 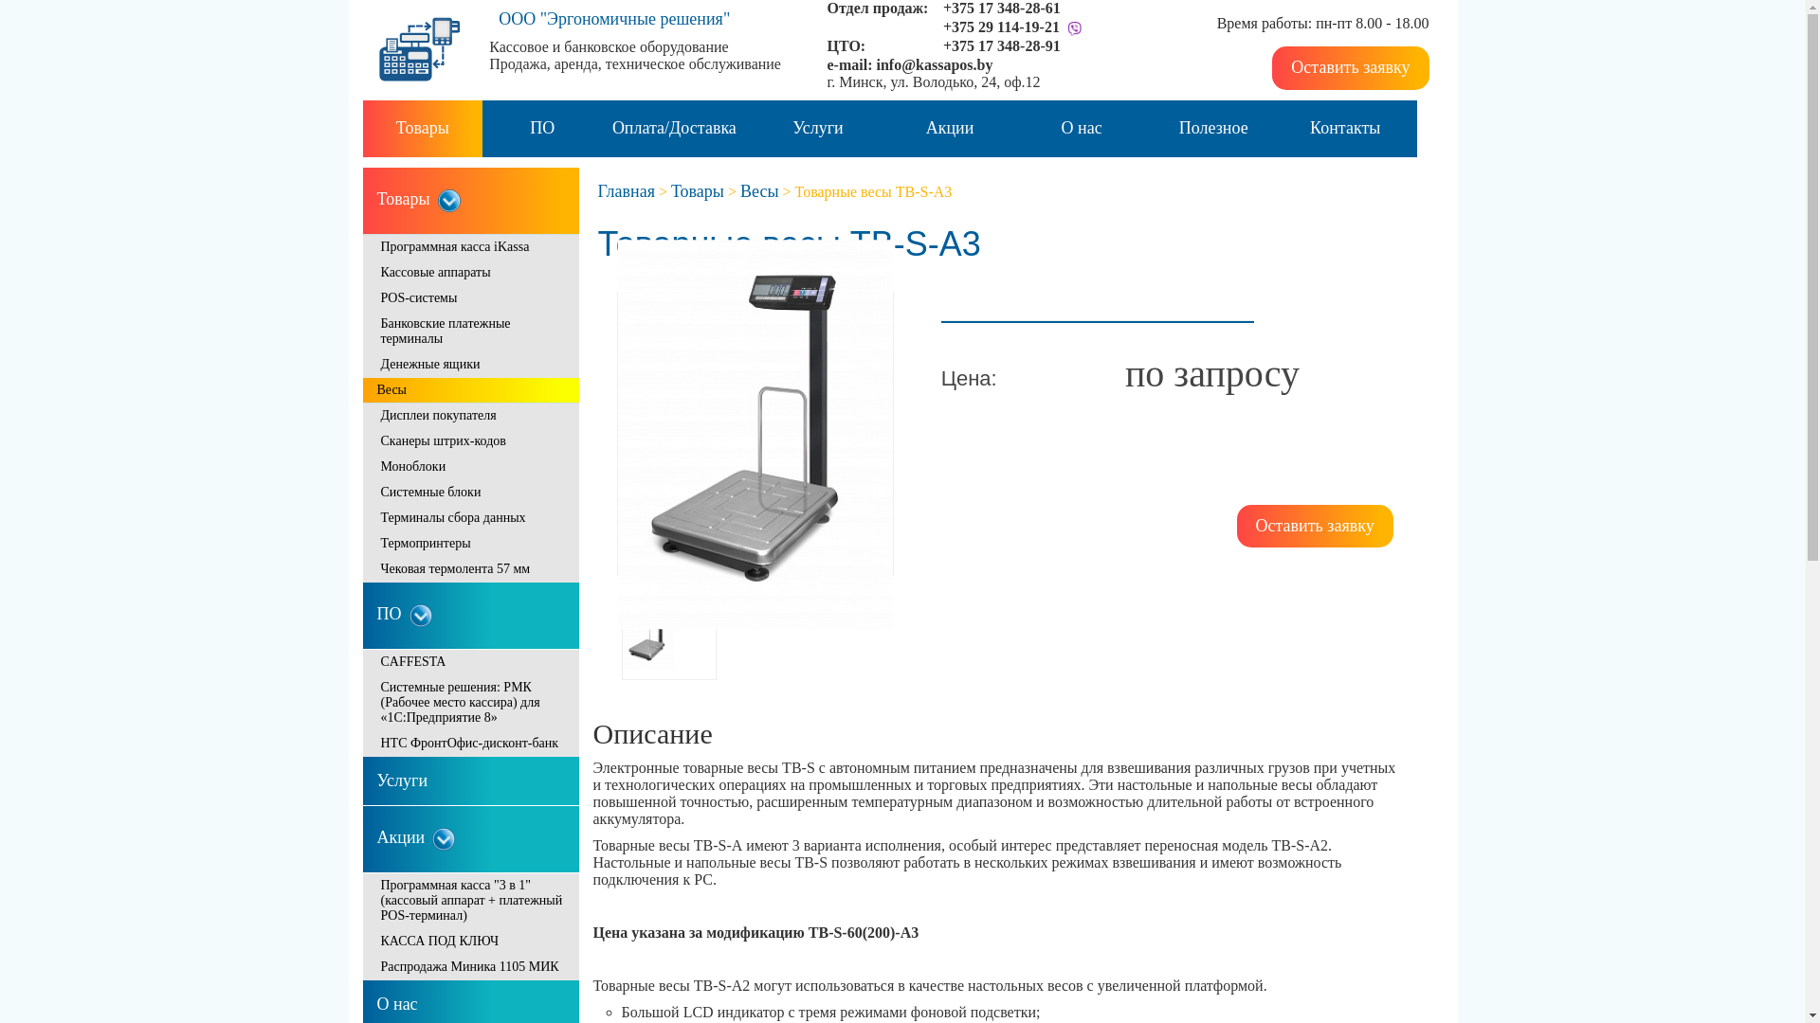 I want to click on '+375 17 348-28-61', so click(x=1000, y=8).